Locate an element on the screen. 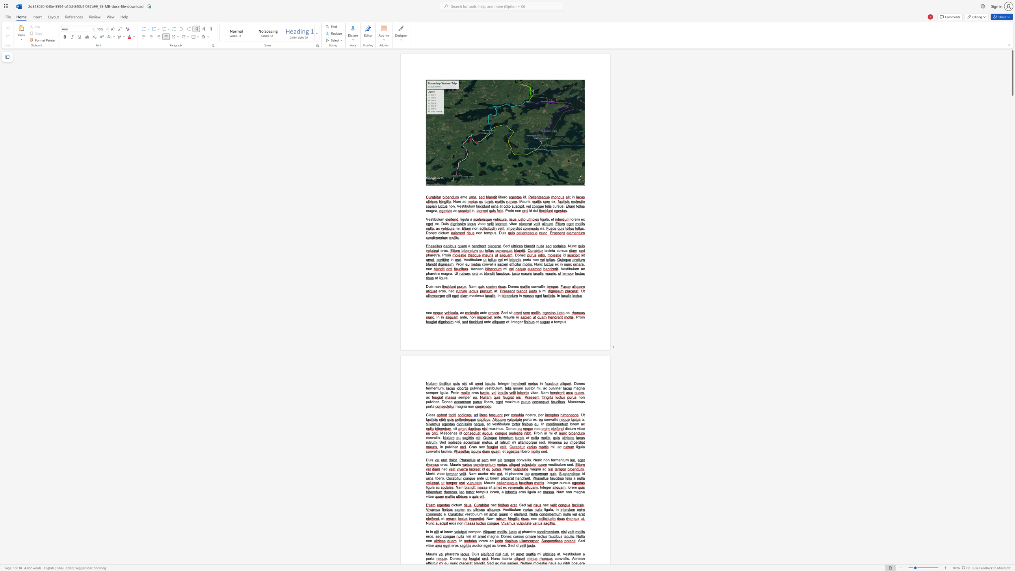 This screenshot has width=1015, height=571. the 2th character "a" in the text is located at coordinates (539, 469).